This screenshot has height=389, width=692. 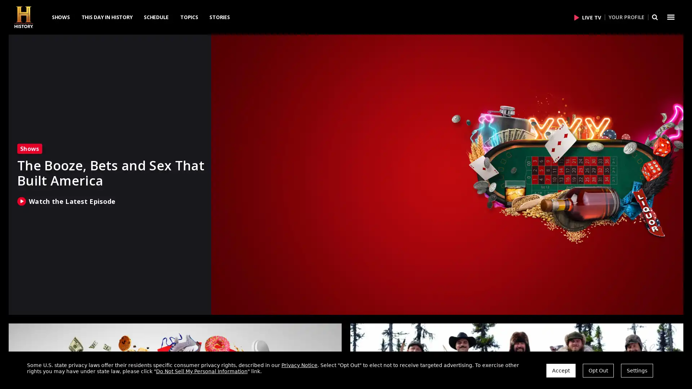 What do you see at coordinates (106, 17) in the screenshot?
I see `THIS DAY IN HISTORY` at bounding box center [106, 17].